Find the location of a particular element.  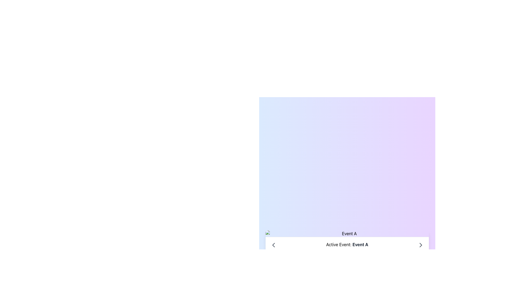

the leftward-pointing chevron button in dark gray located at the far left side of the footer bar is located at coordinates (274, 245).